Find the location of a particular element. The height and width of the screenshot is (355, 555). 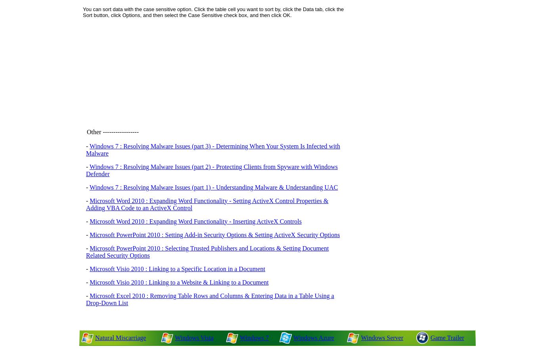

'Windows 7 : Resolving Malware Issues (part 2) - Protecting Clients from Spyware with Windows Defender' is located at coordinates (211, 169).